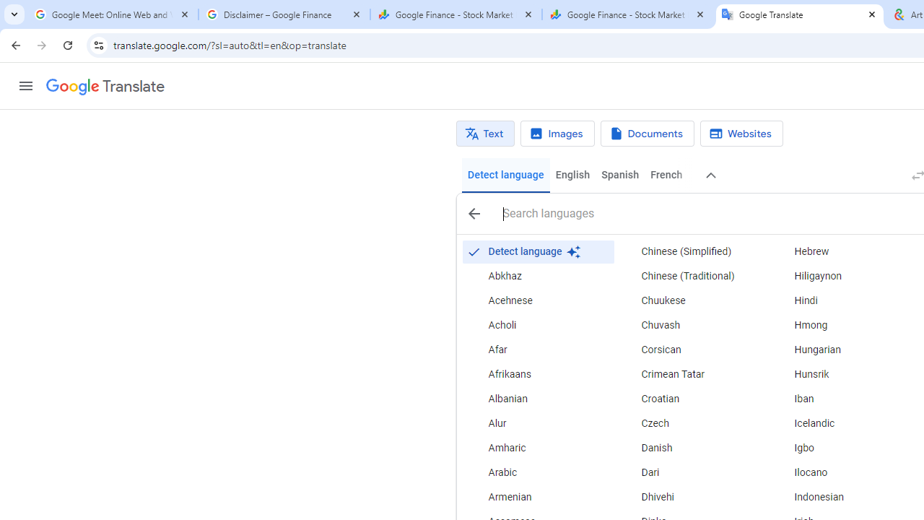 This screenshot has width=924, height=520. Describe the element at coordinates (844, 300) in the screenshot. I see `'Hindi'` at that location.